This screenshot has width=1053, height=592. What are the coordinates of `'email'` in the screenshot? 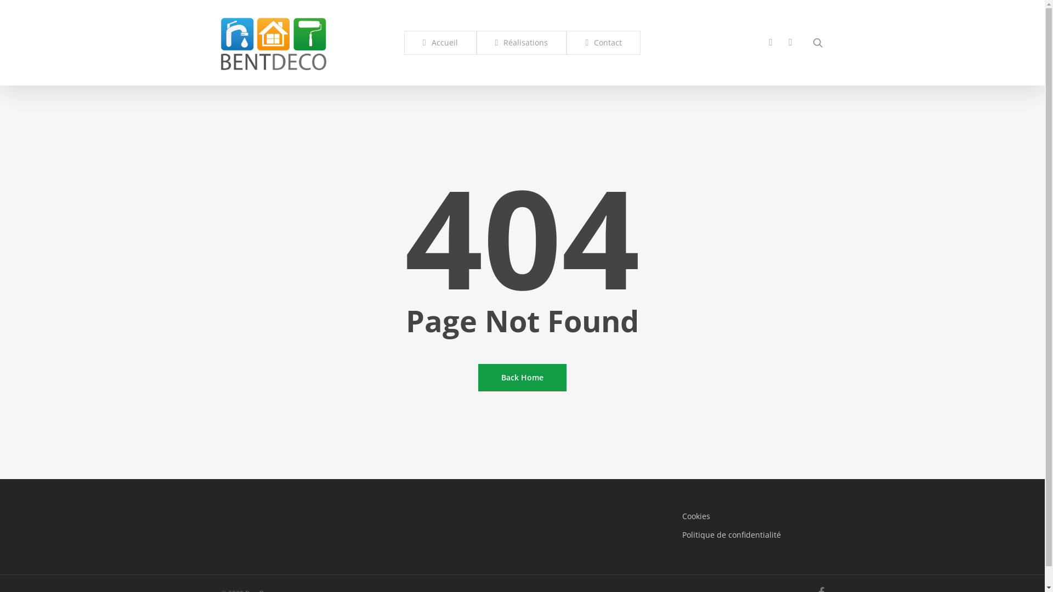 It's located at (790, 42).